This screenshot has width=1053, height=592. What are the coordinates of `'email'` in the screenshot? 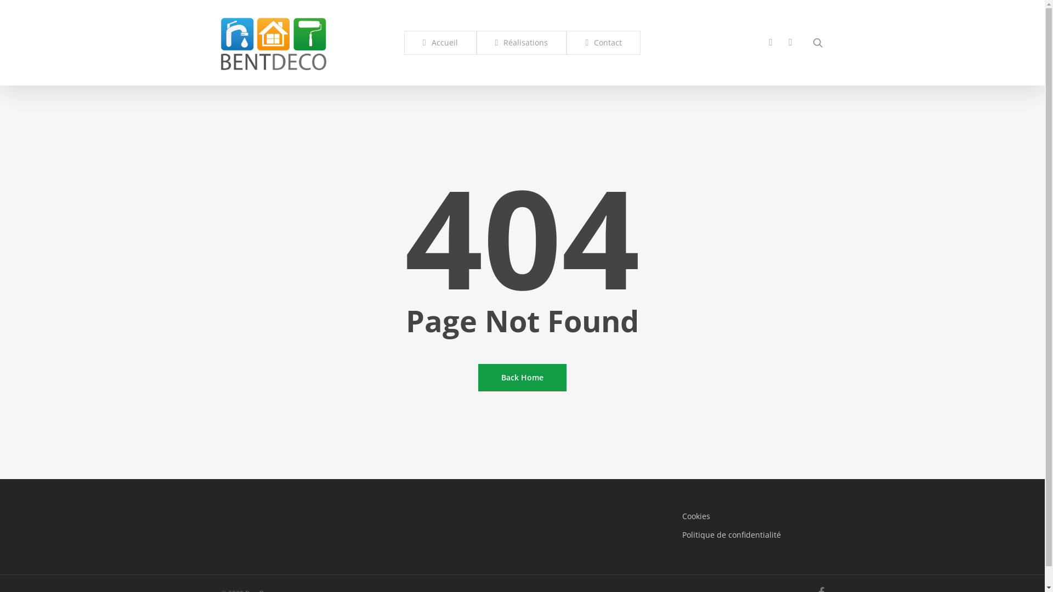 It's located at (790, 42).